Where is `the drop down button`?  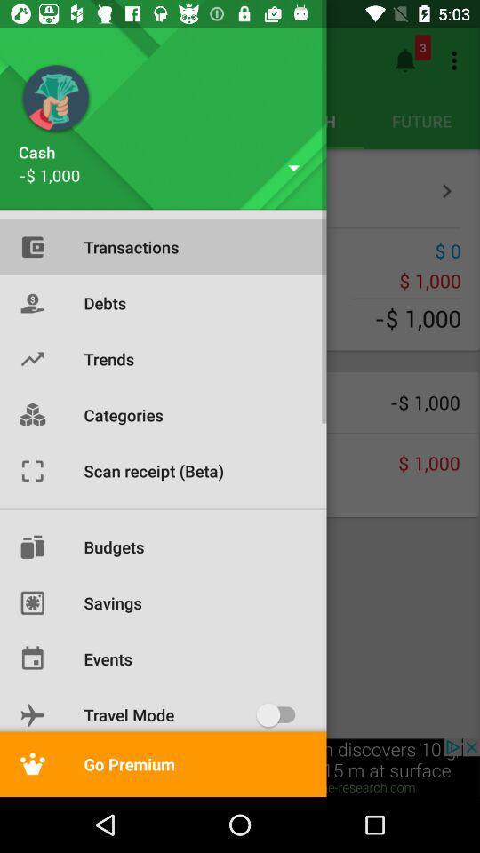 the drop down button is located at coordinates (294, 168).